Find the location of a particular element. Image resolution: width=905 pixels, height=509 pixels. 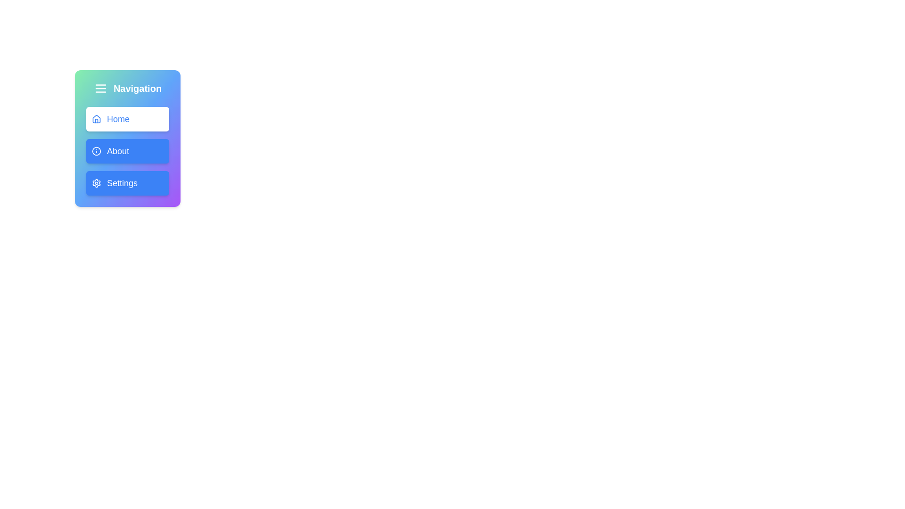

the settings icon, which is a gear shape located in the vertical navigation menu at the bottom is located at coordinates (97, 183).